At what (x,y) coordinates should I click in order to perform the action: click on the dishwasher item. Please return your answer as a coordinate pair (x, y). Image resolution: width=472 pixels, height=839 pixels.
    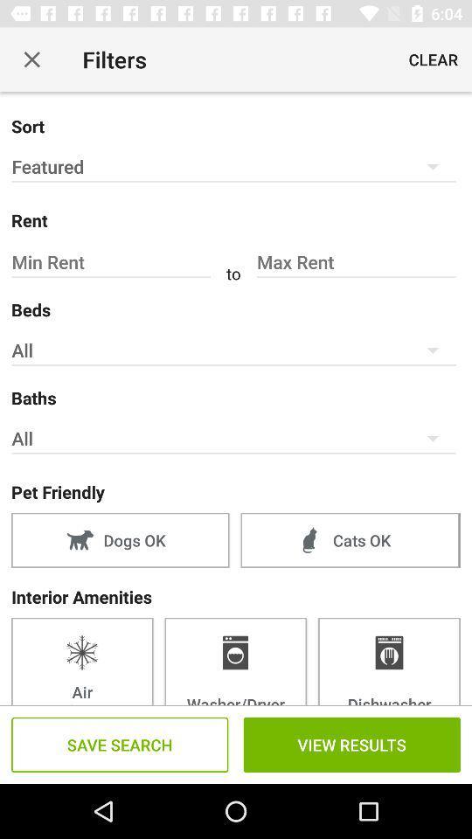
    Looking at the image, I should click on (389, 660).